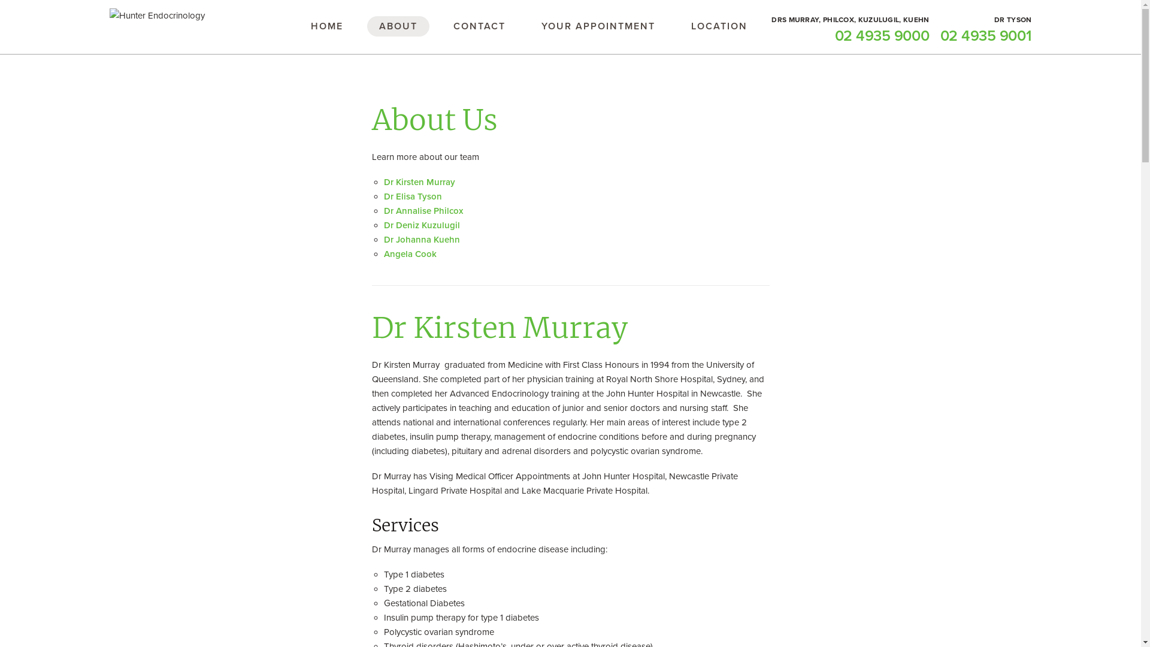  I want to click on 'CONTACT', so click(478, 26).